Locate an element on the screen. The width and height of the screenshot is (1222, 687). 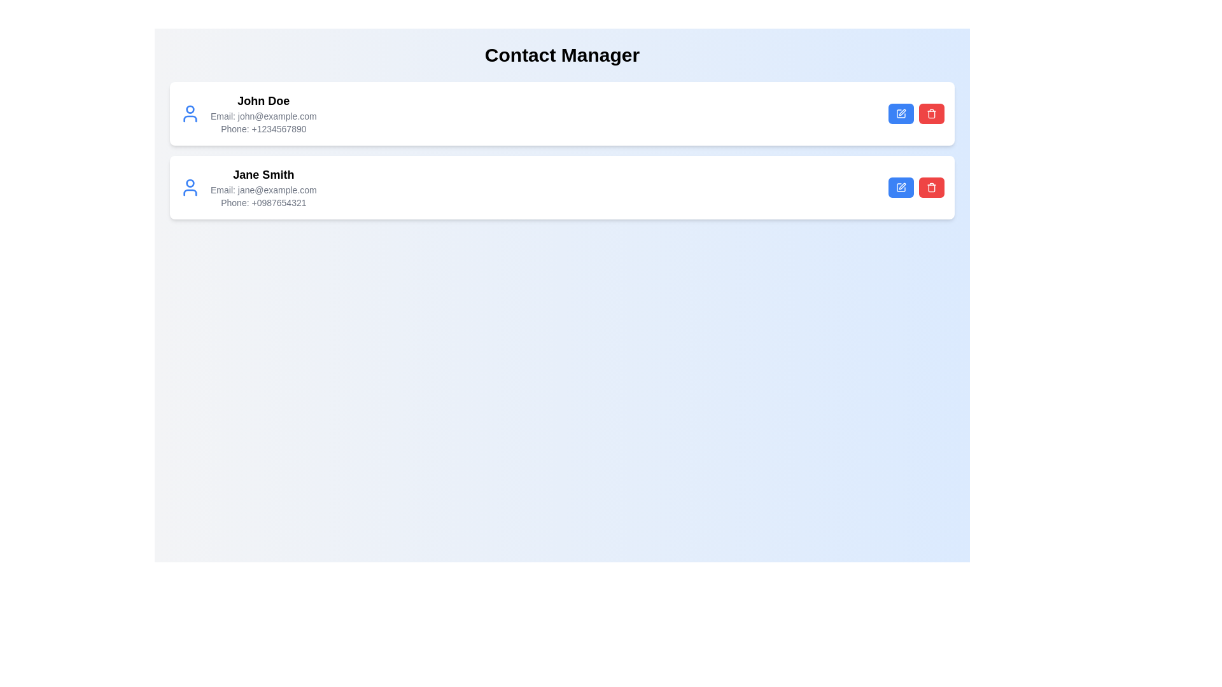
the circle element within the SVG graphic that represents a part of the user icon's design for the first card in the list is located at coordinates (189, 109).